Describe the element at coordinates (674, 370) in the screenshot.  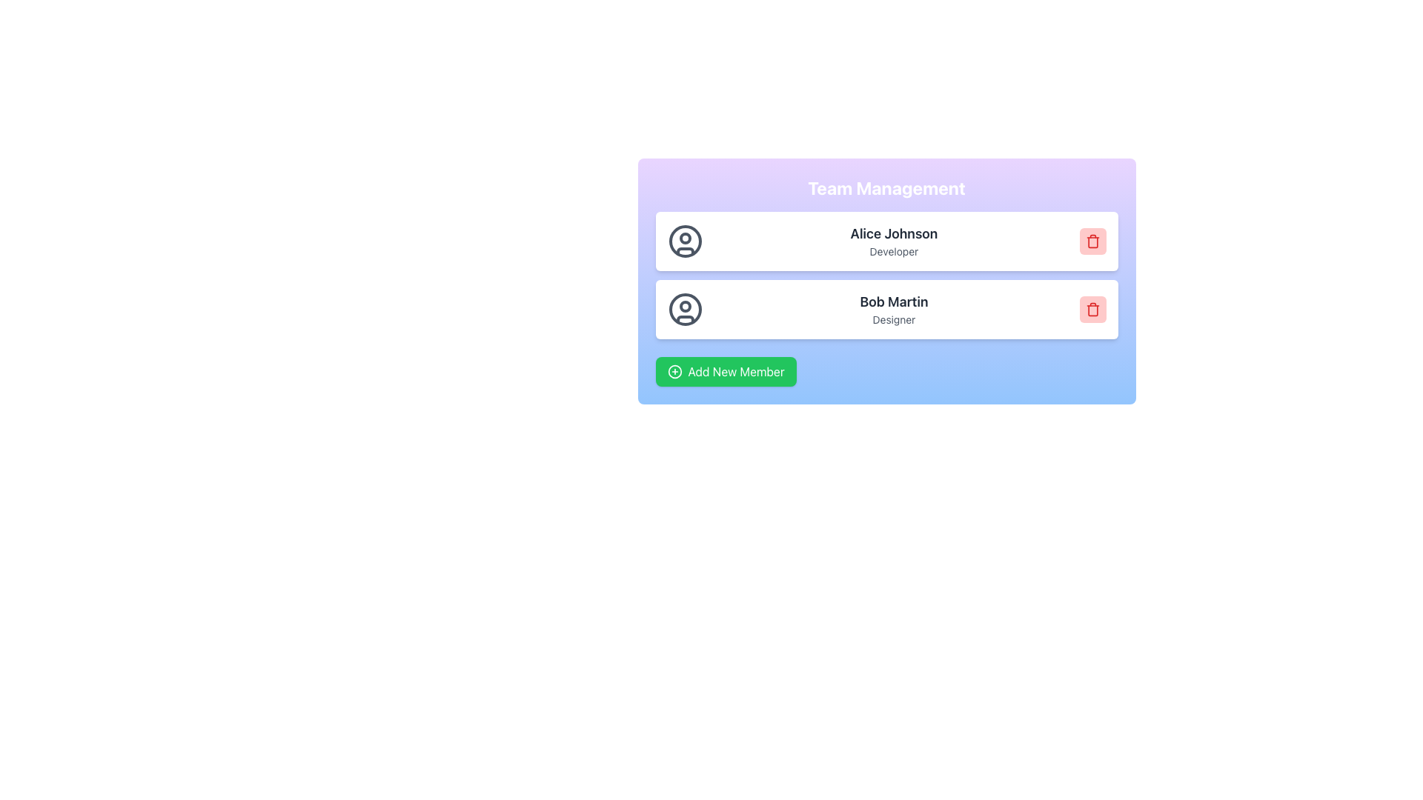
I see `the 'Add New Member' button which contains an SVG Circle indicating the action of adding members, located at the bottom left of the panel interface` at that location.